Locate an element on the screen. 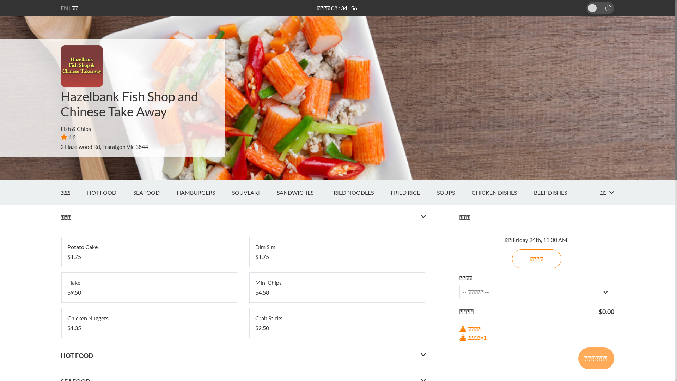  'Flake is located at coordinates (148, 287).